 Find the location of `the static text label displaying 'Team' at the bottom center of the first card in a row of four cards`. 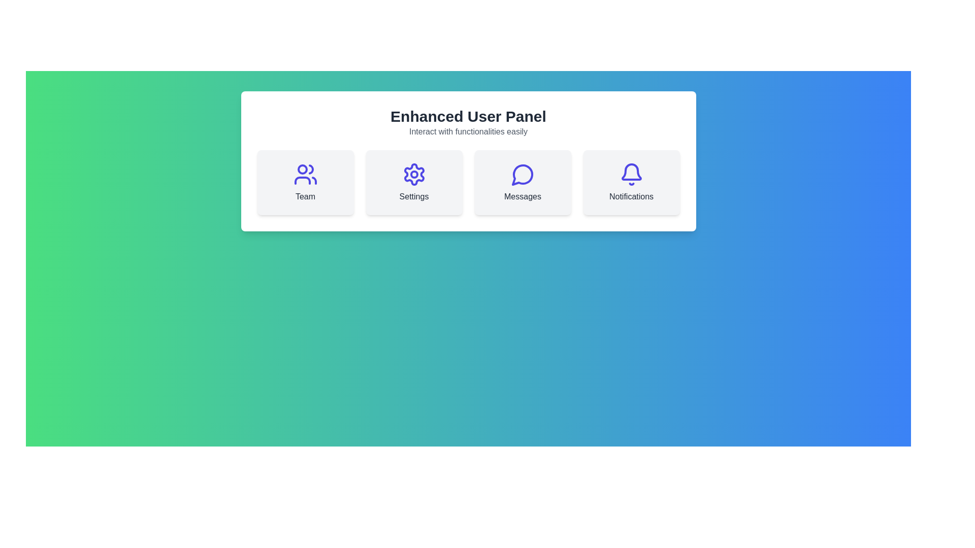

the static text label displaying 'Team' at the bottom center of the first card in a row of four cards is located at coordinates (305, 197).